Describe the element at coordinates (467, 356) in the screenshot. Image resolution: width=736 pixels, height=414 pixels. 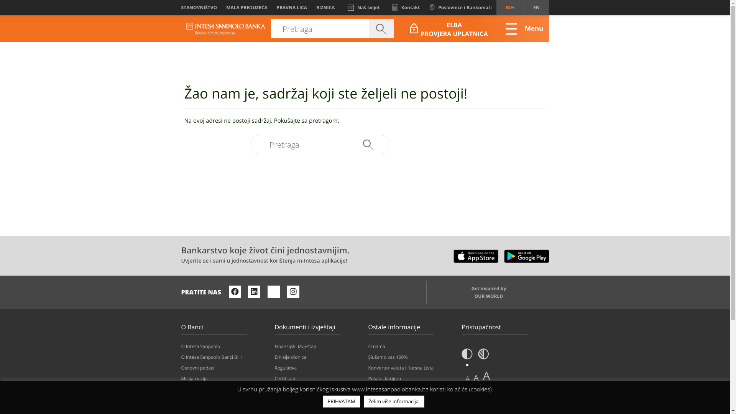
I see `'Standard Contrast'` at that location.